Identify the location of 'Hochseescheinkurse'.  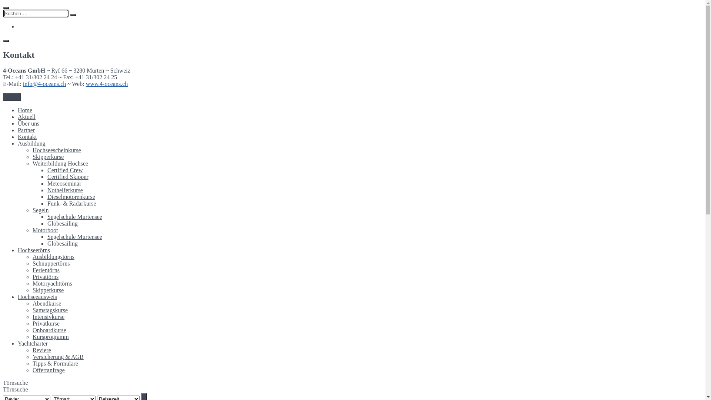
(56, 150).